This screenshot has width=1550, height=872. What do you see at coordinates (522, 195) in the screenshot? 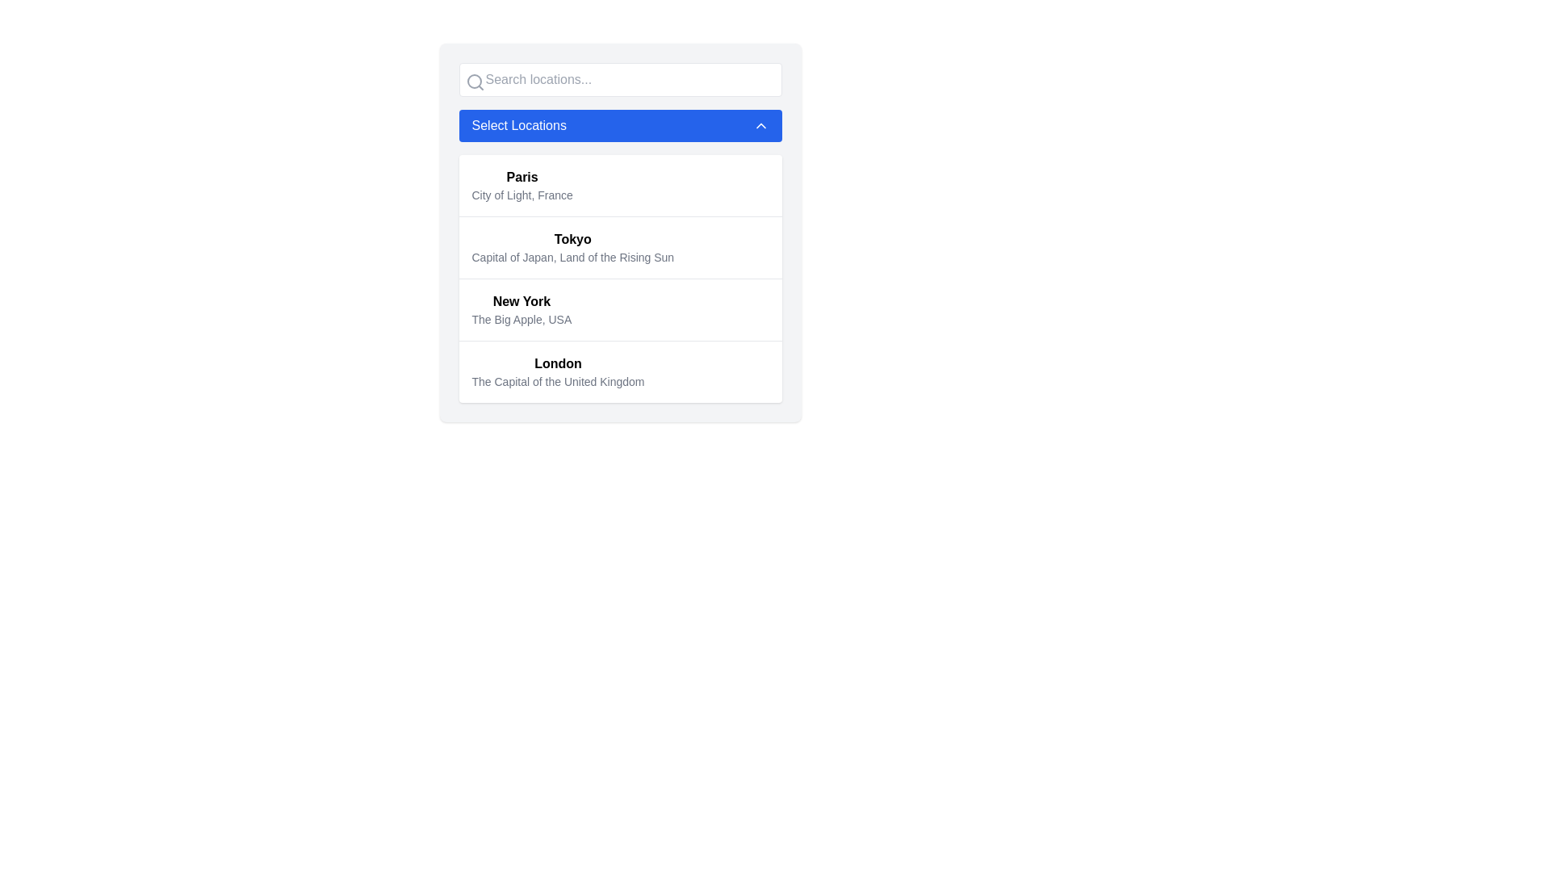
I see `the Text Label that provides additional descriptive information about Paris, positioned directly below the main title within the 'Select Locations' dropdown interface` at bounding box center [522, 195].